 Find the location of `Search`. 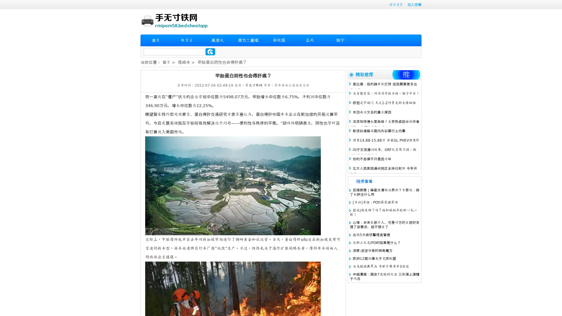

Search is located at coordinates (210, 51).